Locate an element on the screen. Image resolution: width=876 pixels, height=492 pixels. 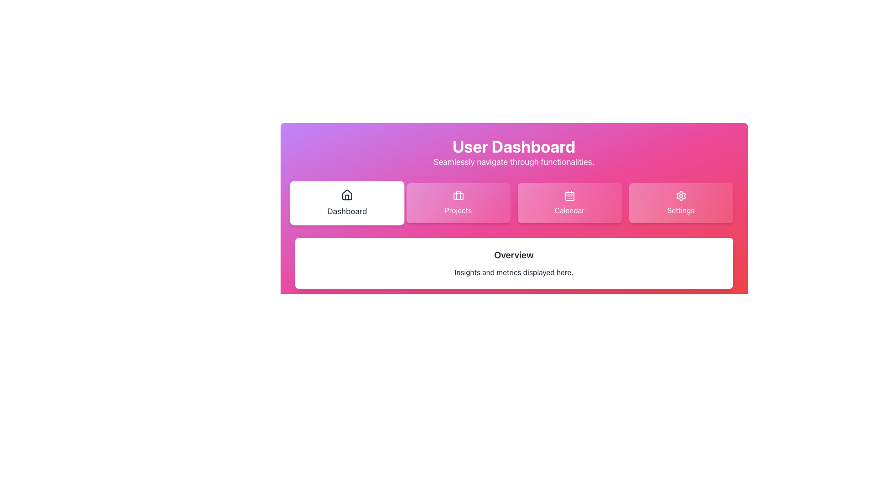
the rectangular button labeled 'Dashboard' with a house icon, located on the leftmost position of the navigation row is located at coordinates (346, 203).